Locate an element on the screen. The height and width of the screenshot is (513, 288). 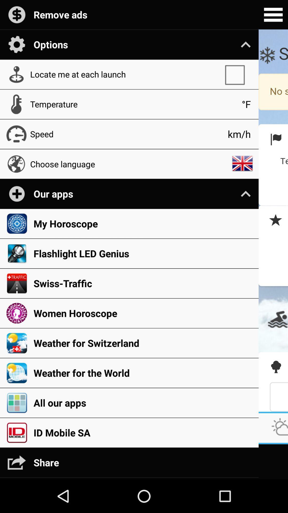
the icon above the our apps icon is located at coordinates (242, 164).